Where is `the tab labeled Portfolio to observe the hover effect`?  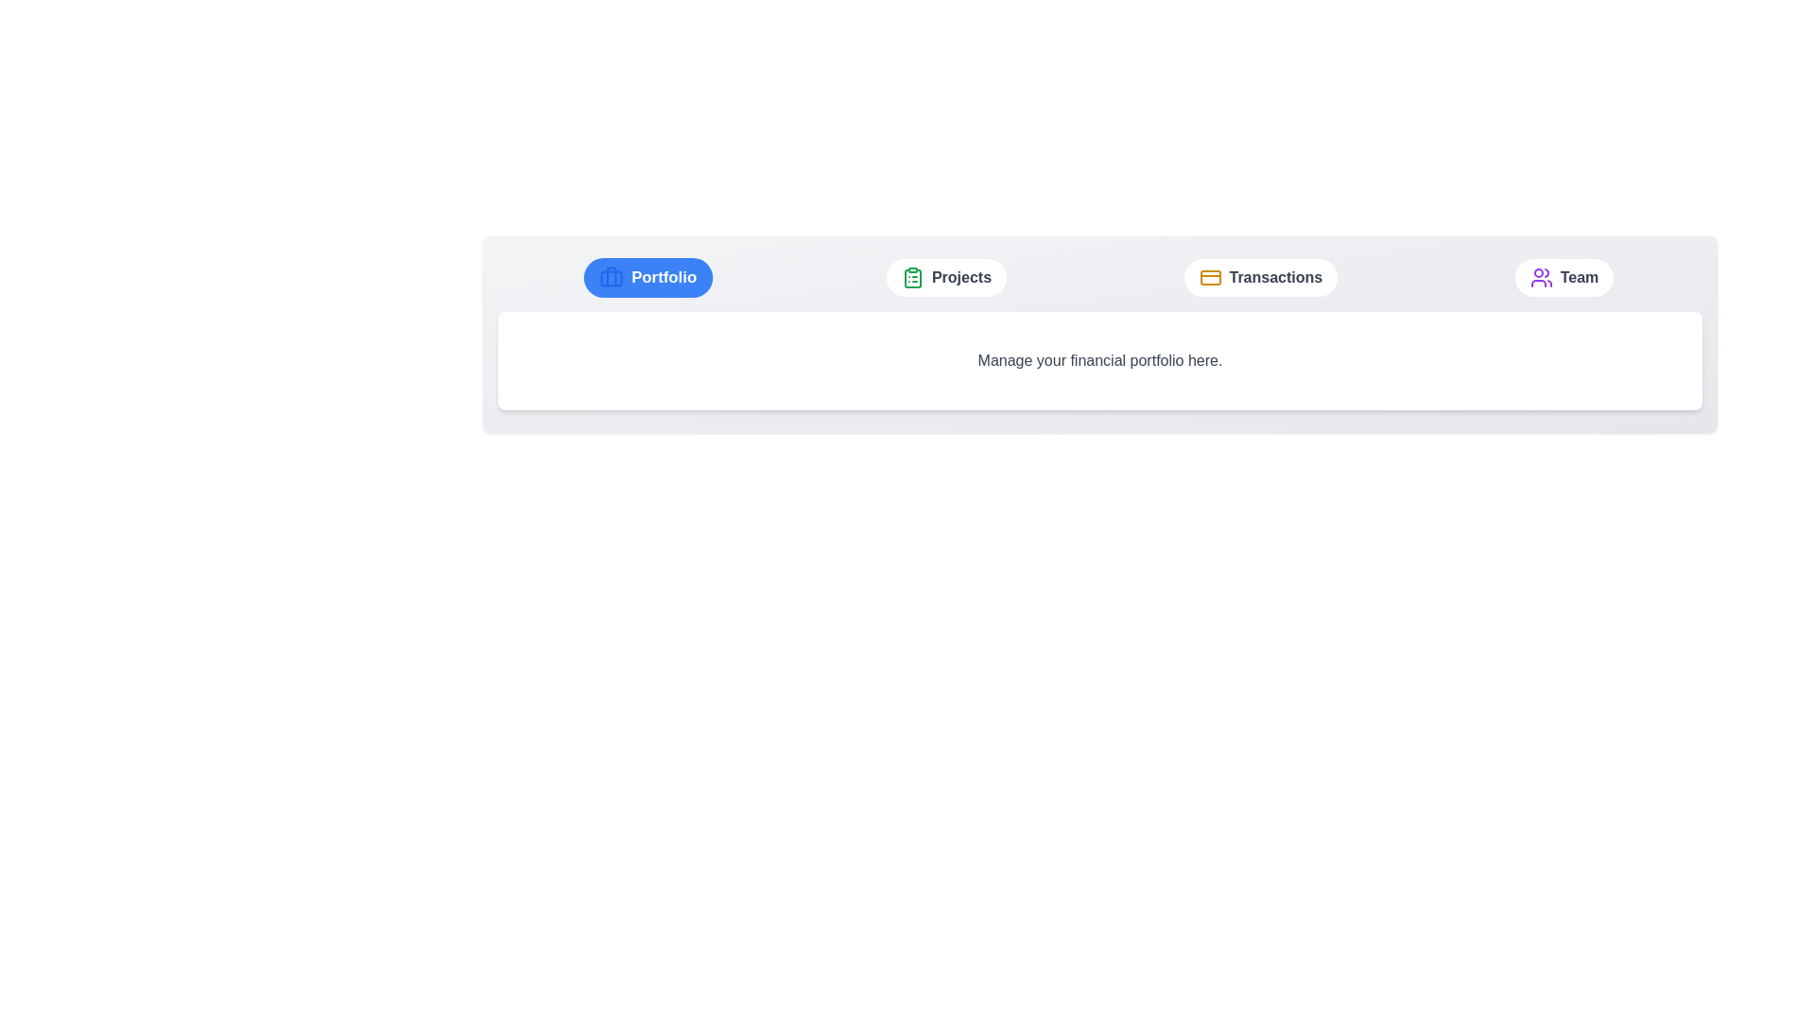 the tab labeled Portfolio to observe the hover effect is located at coordinates (648, 277).